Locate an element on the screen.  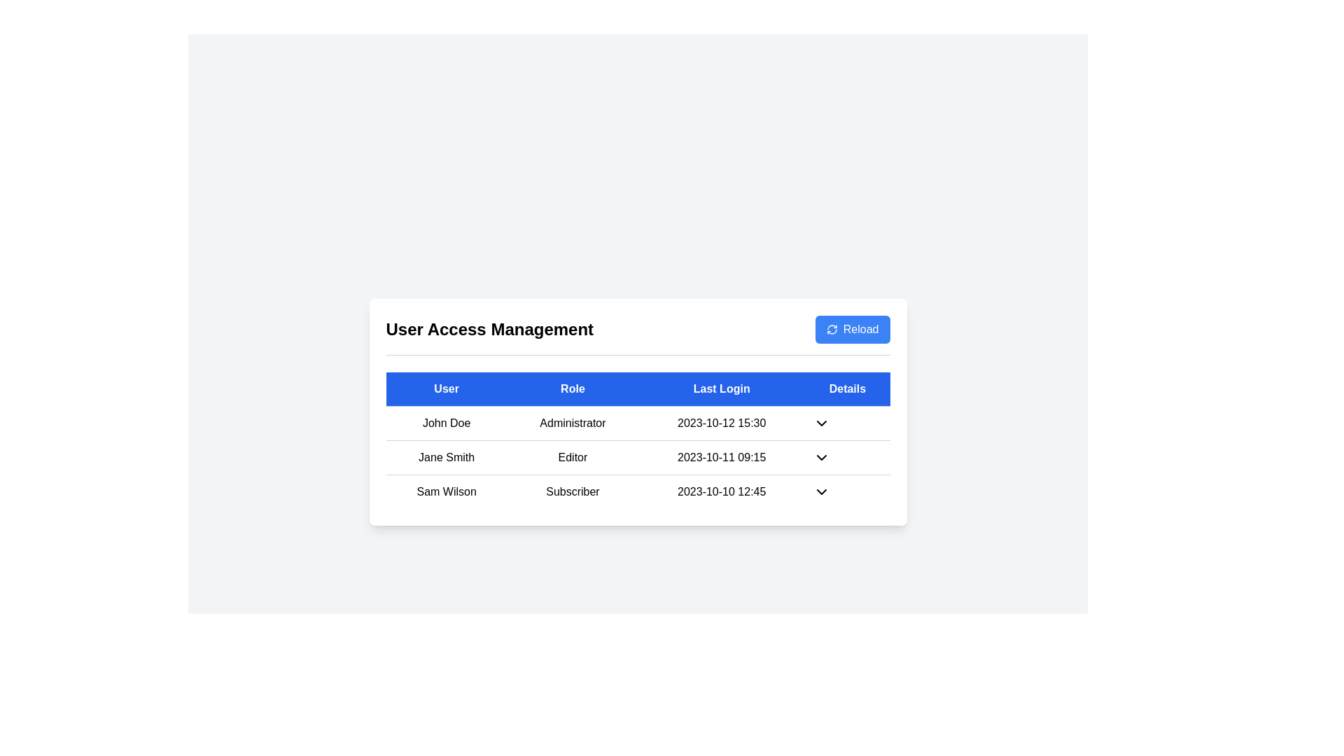
the Table Header Cell displaying 'User' with a blue background and white text, which is the first column header in the table adjacent to the 'Role' header is located at coordinates (446, 389).